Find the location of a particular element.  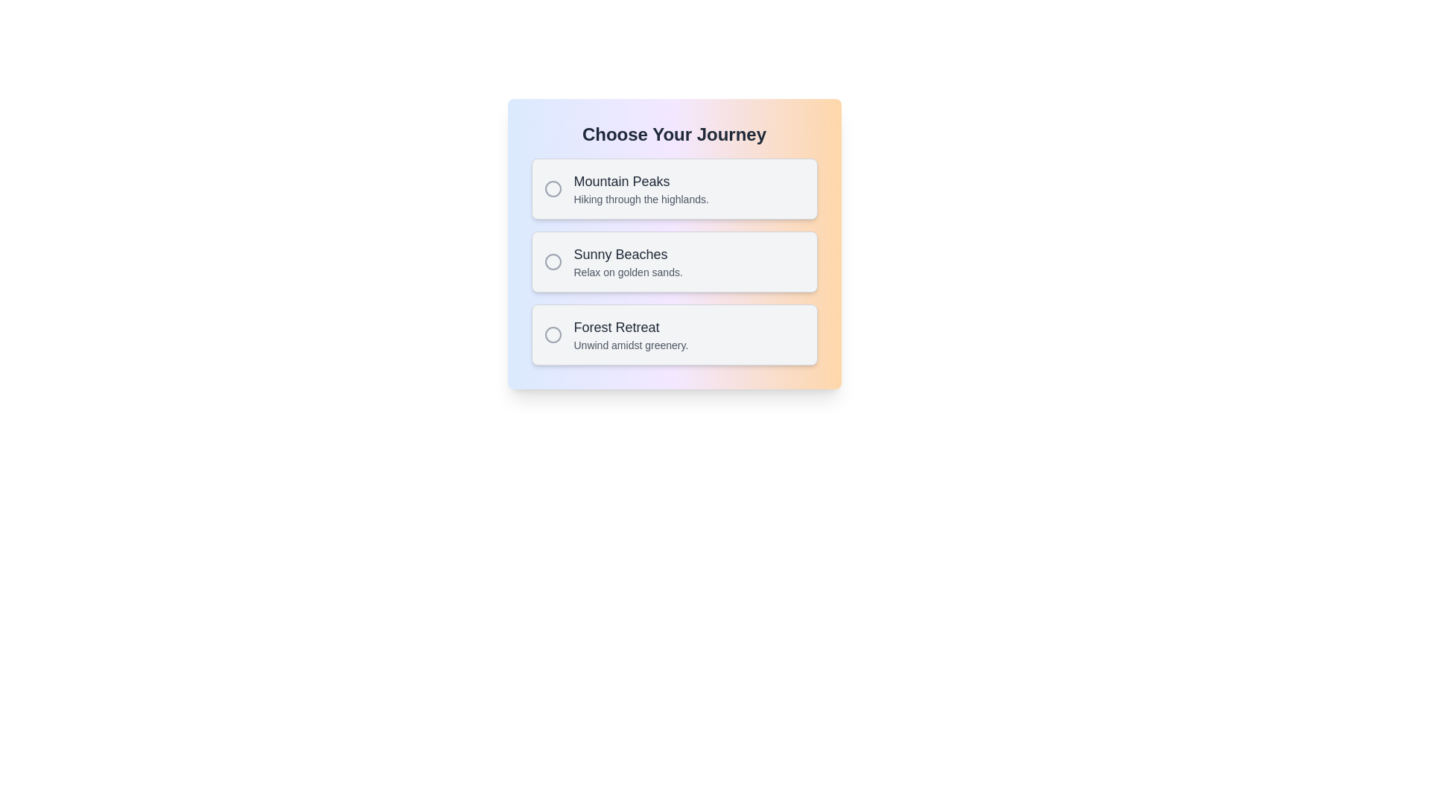

text content of the Text Label located inside the first item of a vertically aligned list of selectable options, positioned to the right of a circular checkbox indicator is located at coordinates (641, 188).